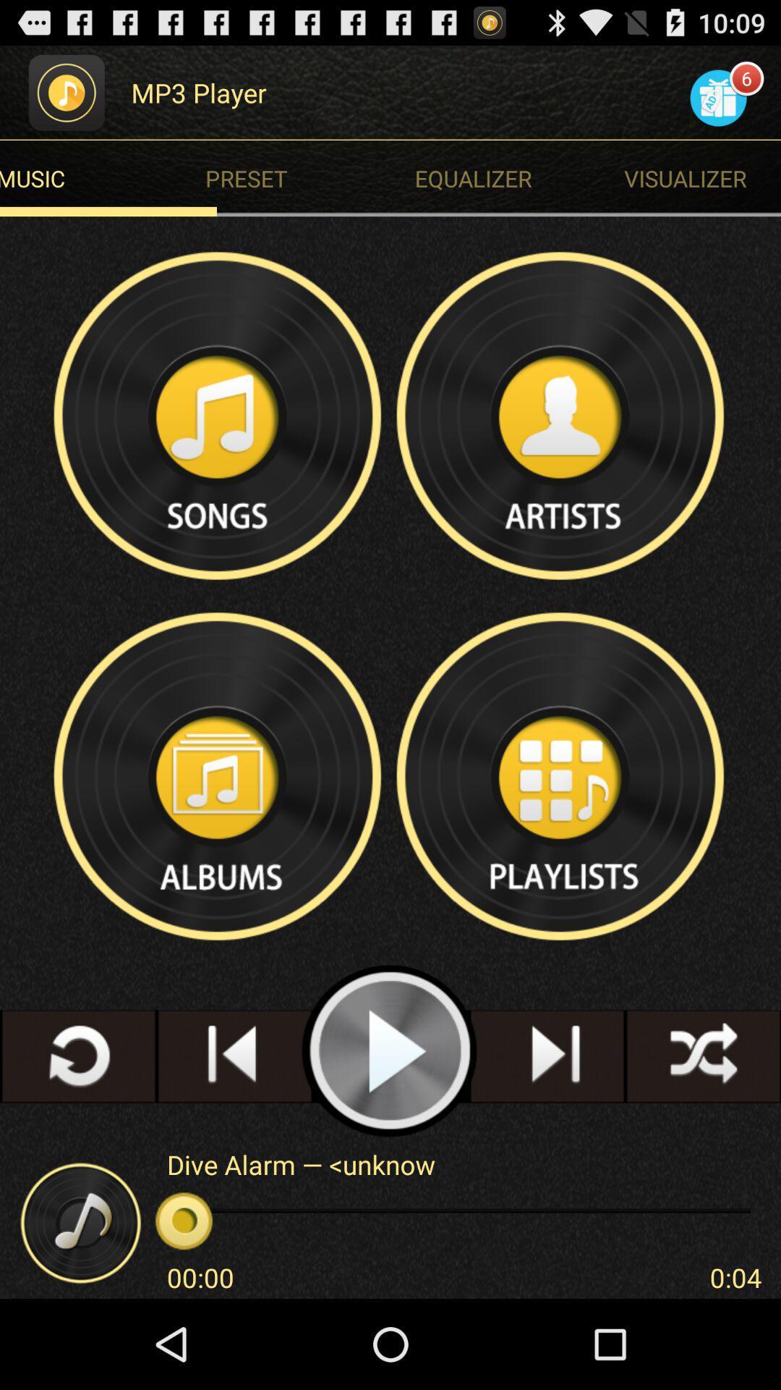 Image resolution: width=781 pixels, height=1390 pixels. Describe the element at coordinates (389, 1124) in the screenshot. I see `the play icon` at that location.